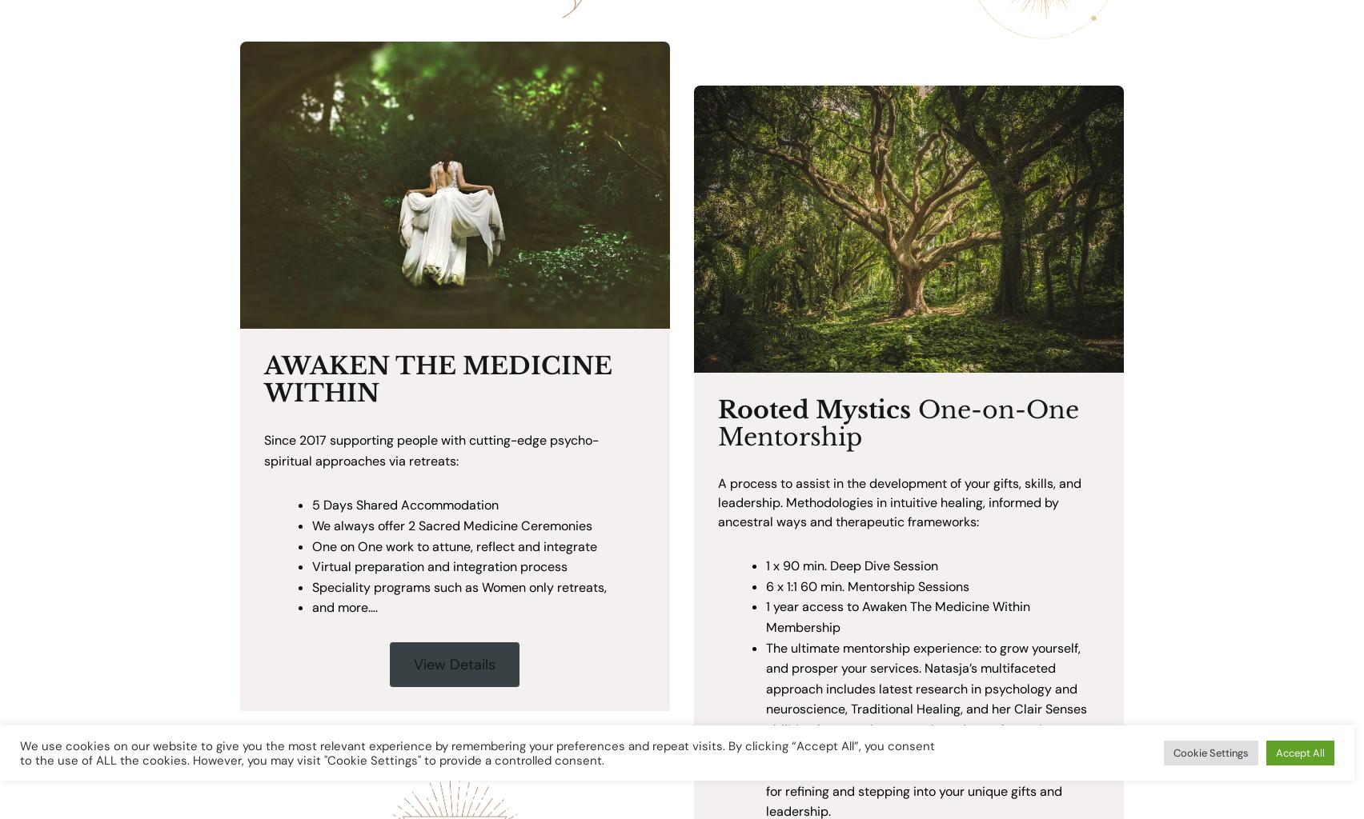 This screenshot has width=1364, height=819. I want to click on 'AWAKEN THE MEDICINE WITHIN', so click(437, 378).